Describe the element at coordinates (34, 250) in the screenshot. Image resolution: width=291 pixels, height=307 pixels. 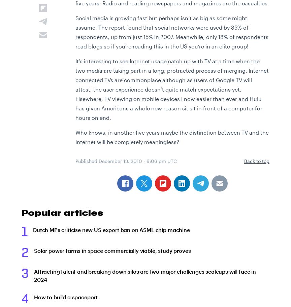
I see `'Solar power farms in space commercially viable, study proves'` at that location.